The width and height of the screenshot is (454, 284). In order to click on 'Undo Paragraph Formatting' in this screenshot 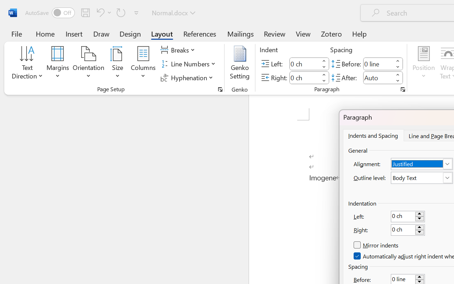, I will do `click(103, 12)`.